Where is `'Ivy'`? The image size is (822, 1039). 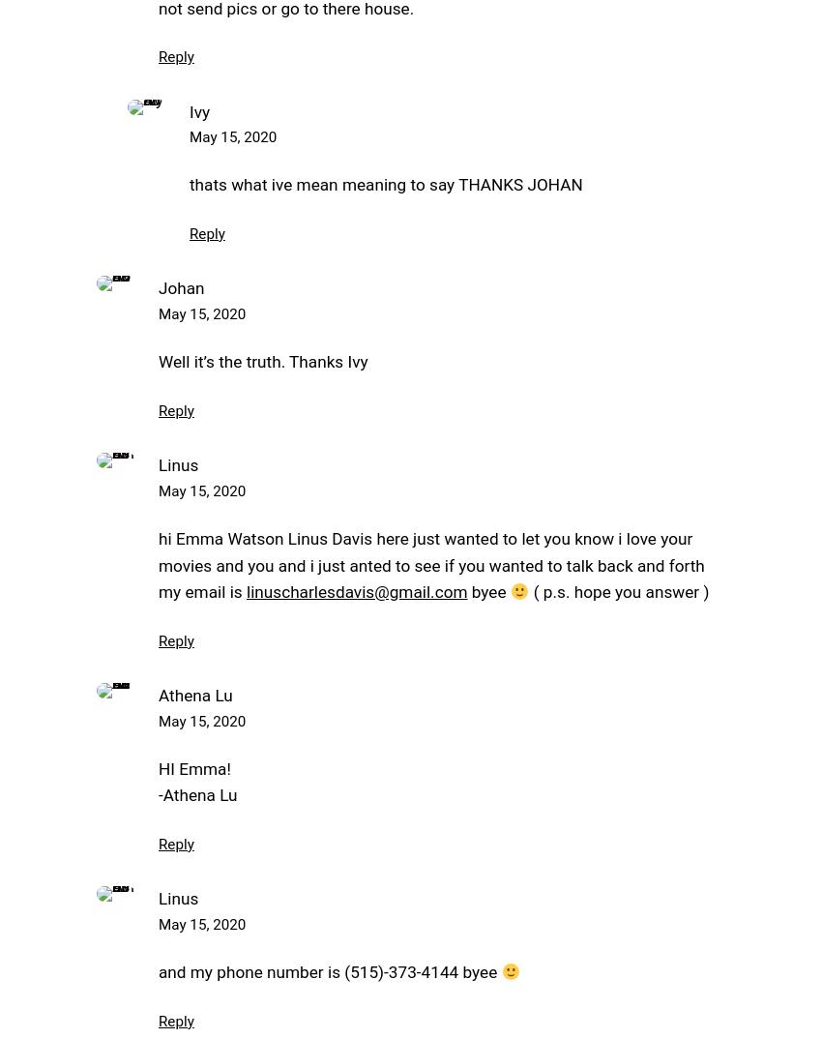
'Ivy' is located at coordinates (198, 110).